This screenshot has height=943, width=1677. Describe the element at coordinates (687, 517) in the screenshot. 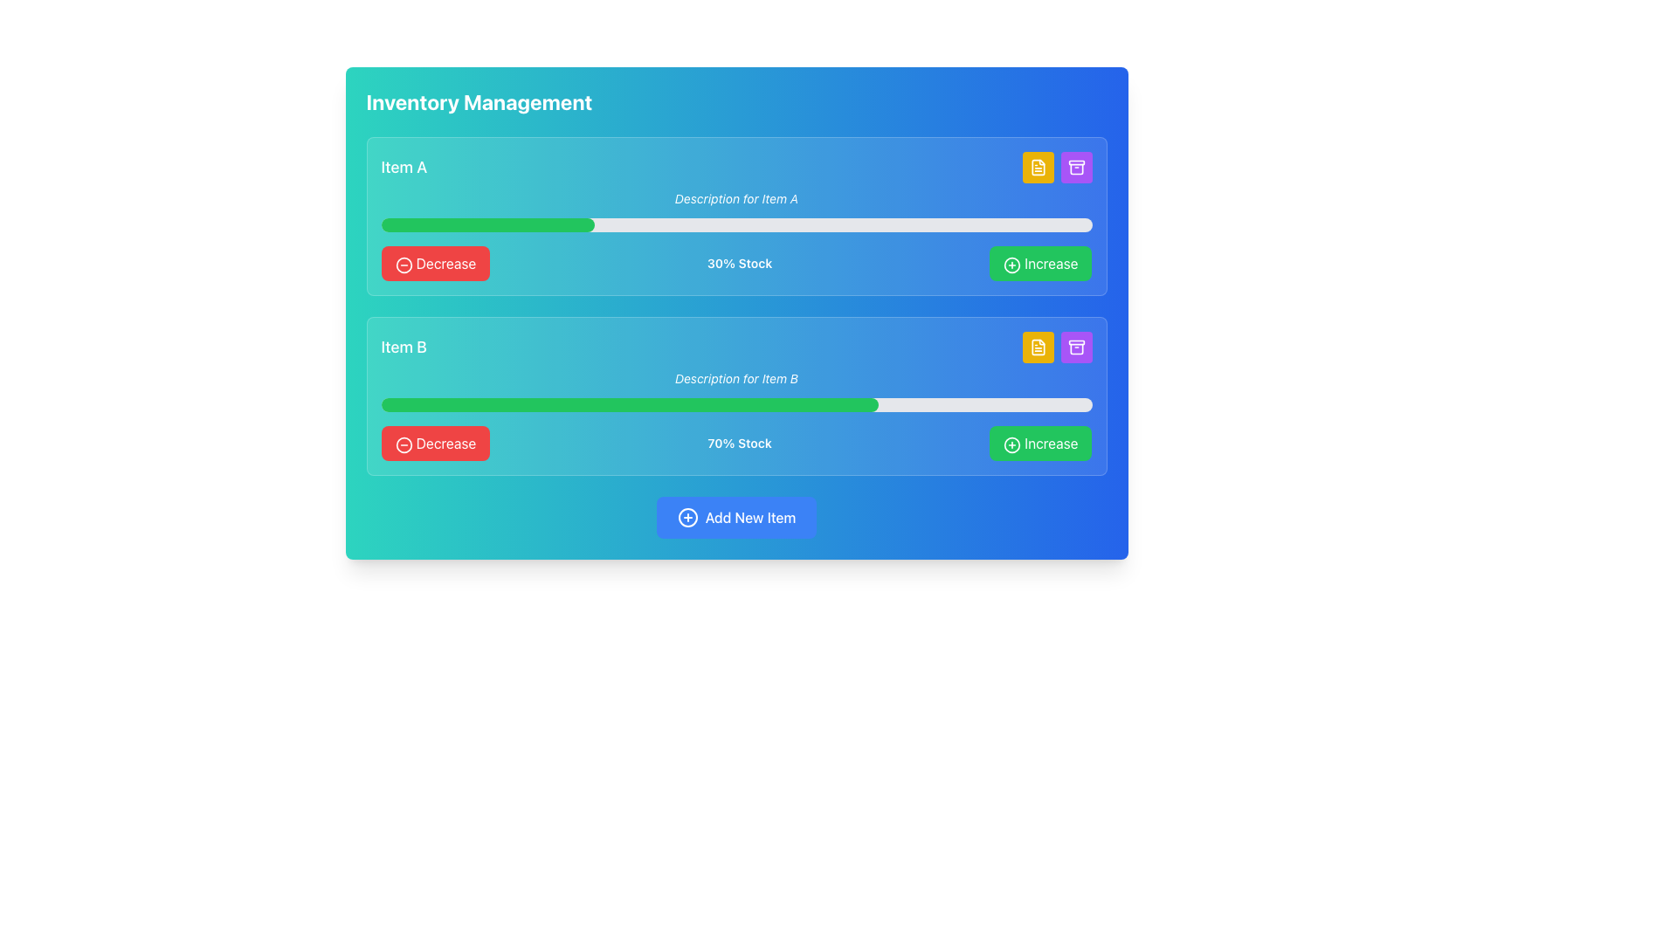

I see `the Circular SVG graphical element that signifies addition functionality within the 'Add New Item' button, located at the bottom section of the interface` at that location.